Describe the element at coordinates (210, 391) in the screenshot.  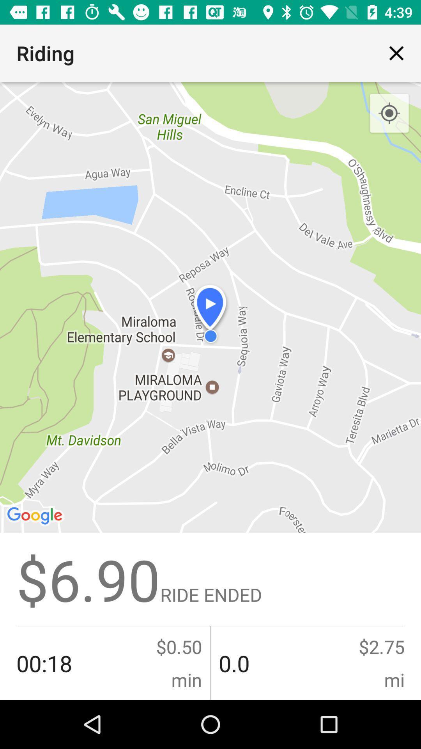
I see `the icon at the center` at that location.